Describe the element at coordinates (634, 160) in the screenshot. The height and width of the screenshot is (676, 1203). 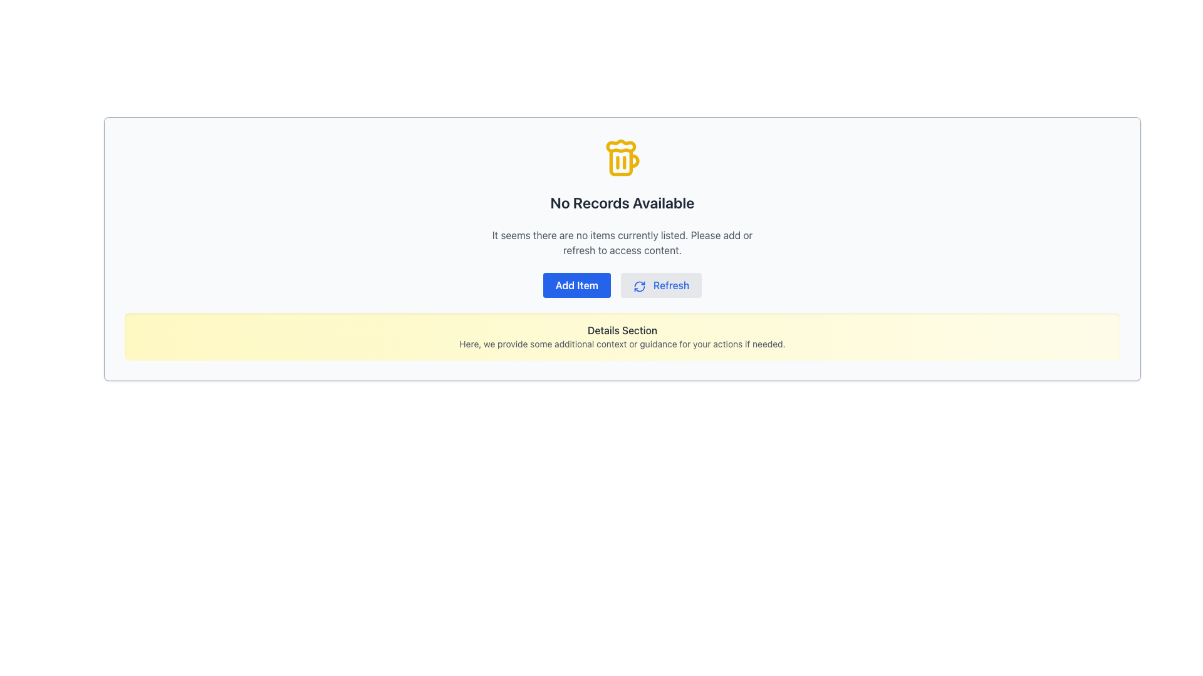
I see `the handle of the beer mug icon, which is the rightmost part of the SVG illustration above the text 'No Records Available'` at that location.